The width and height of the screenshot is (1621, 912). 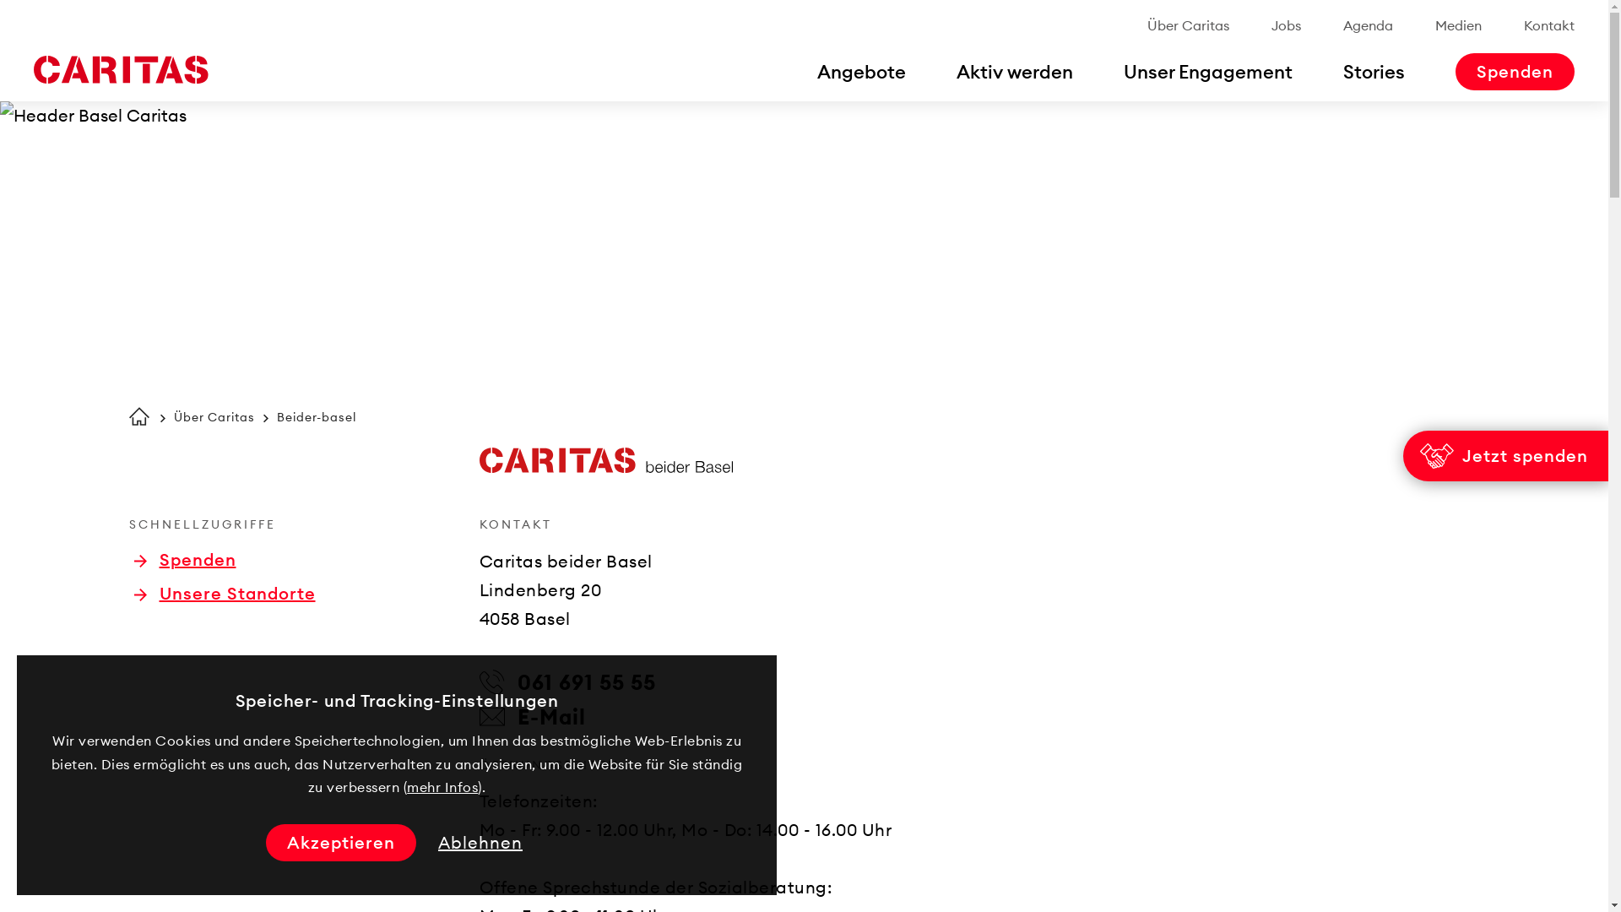 What do you see at coordinates (1434, 25) in the screenshot?
I see `'Medien'` at bounding box center [1434, 25].